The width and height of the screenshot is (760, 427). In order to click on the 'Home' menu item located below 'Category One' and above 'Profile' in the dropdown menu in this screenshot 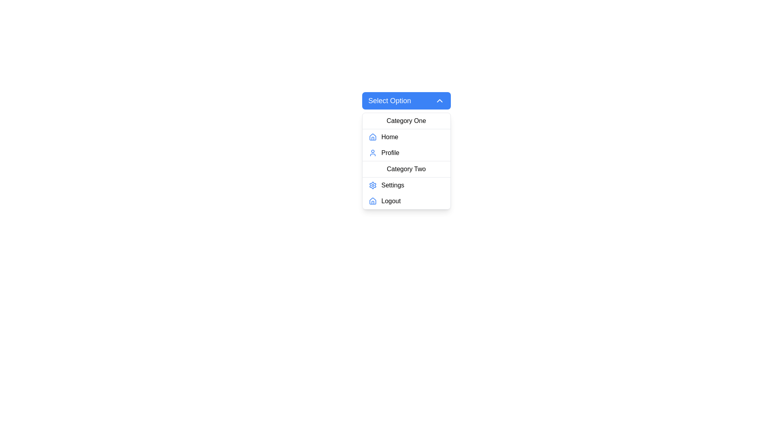, I will do `click(406, 137)`.